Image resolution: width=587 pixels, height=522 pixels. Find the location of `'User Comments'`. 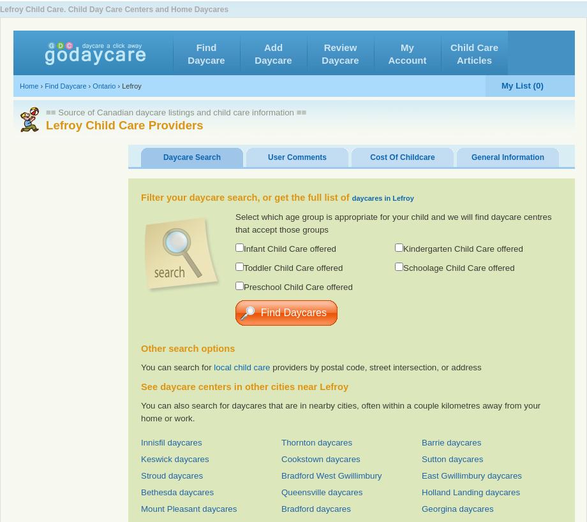

'User Comments' is located at coordinates (297, 157).